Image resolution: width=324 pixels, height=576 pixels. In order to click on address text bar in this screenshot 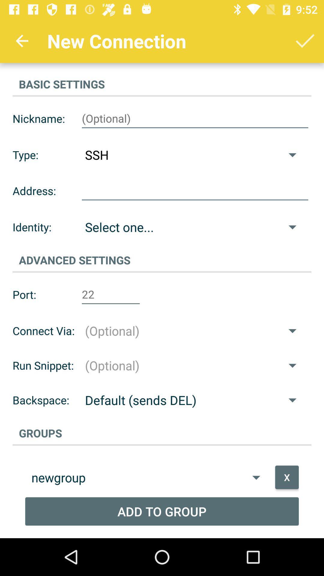, I will do `click(195, 190)`.